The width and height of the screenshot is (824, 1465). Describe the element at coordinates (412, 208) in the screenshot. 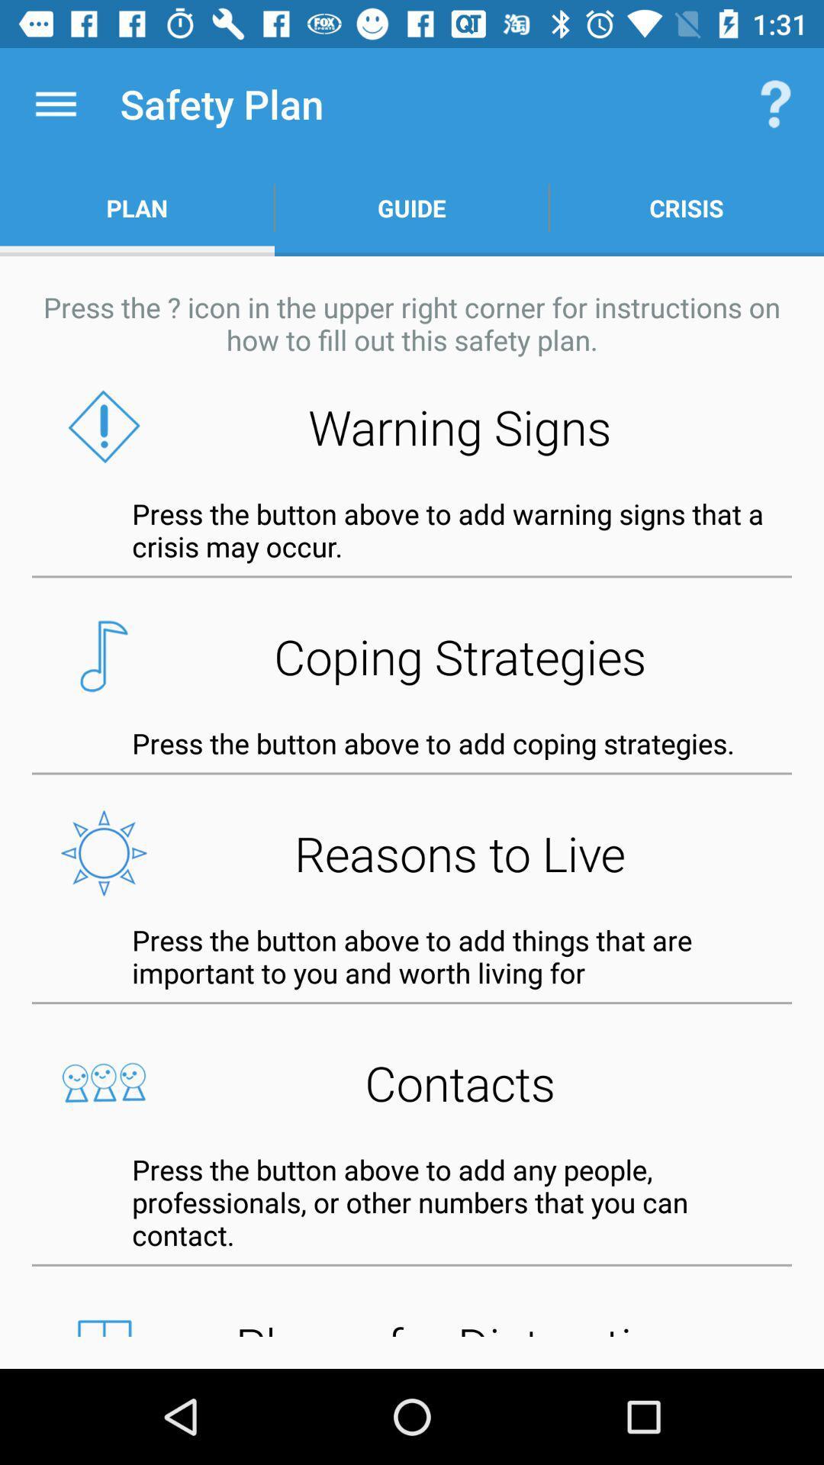

I see `the icon to the right of plan app` at that location.